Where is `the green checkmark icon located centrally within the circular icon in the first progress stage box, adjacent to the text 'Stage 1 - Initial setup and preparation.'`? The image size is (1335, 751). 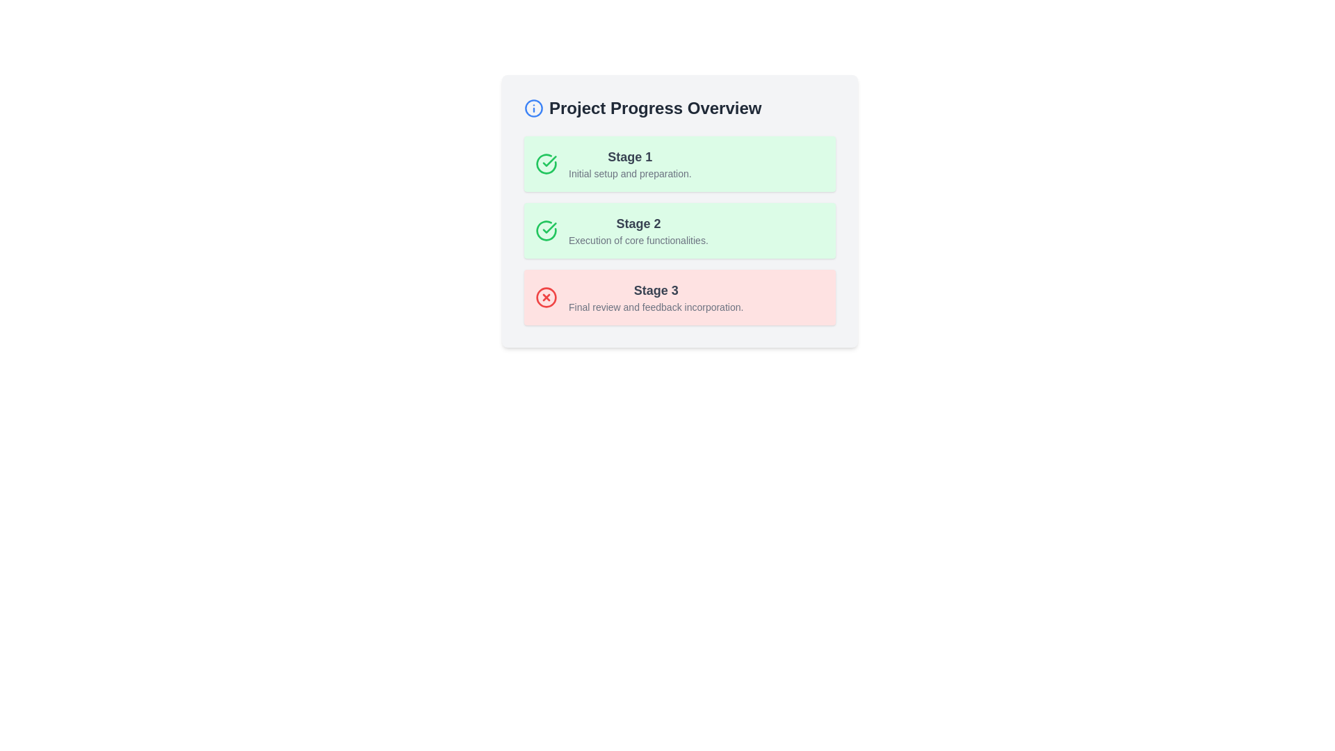
the green checkmark icon located centrally within the circular icon in the first progress stage box, adjacent to the text 'Stage 1 - Initial setup and preparation.' is located at coordinates (549, 227).